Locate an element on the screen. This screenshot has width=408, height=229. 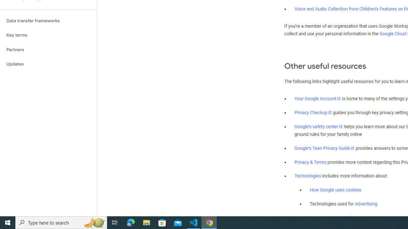
'How Google uses cookies' is located at coordinates (335, 190).